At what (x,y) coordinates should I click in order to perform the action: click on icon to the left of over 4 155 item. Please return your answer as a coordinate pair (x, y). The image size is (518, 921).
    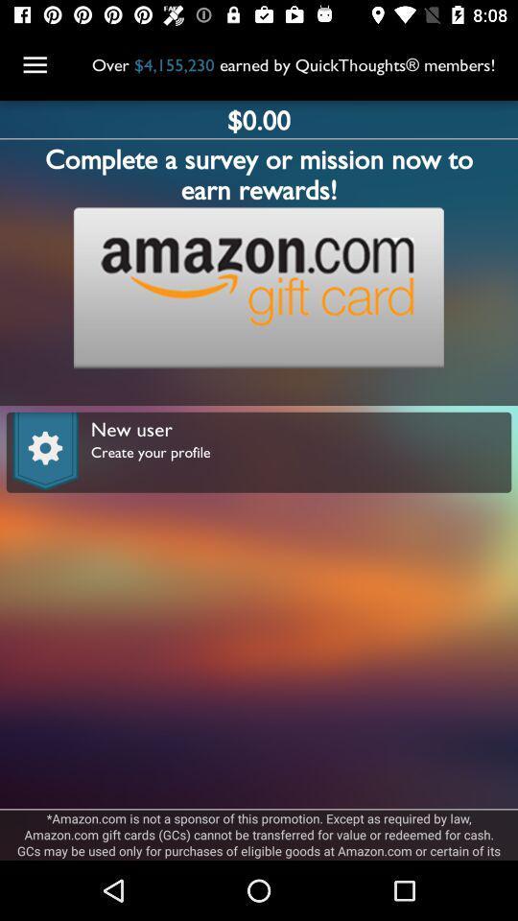
    Looking at the image, I should click on (35, 65).